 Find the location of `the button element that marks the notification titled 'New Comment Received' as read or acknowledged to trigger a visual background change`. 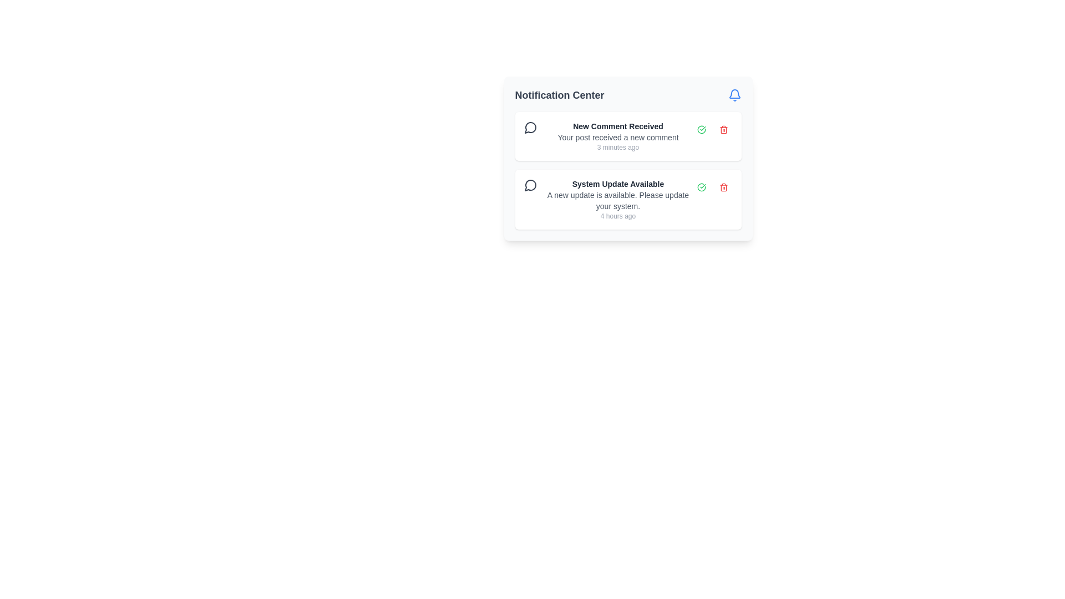

the button element that marks the notification titled 'New Comment Received' as read or acknowledged to trigger a visual background change is located at coordinates (701, 129).